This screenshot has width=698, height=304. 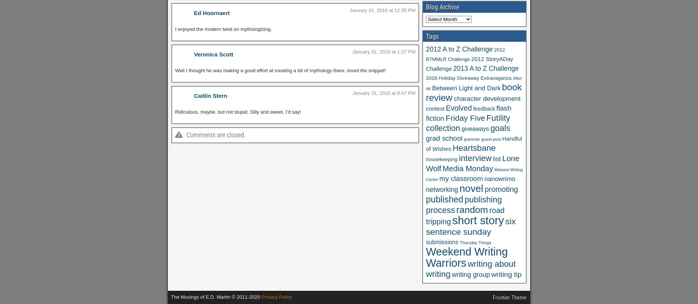 I want to click on 'promoting', so click(x=484, y=189).